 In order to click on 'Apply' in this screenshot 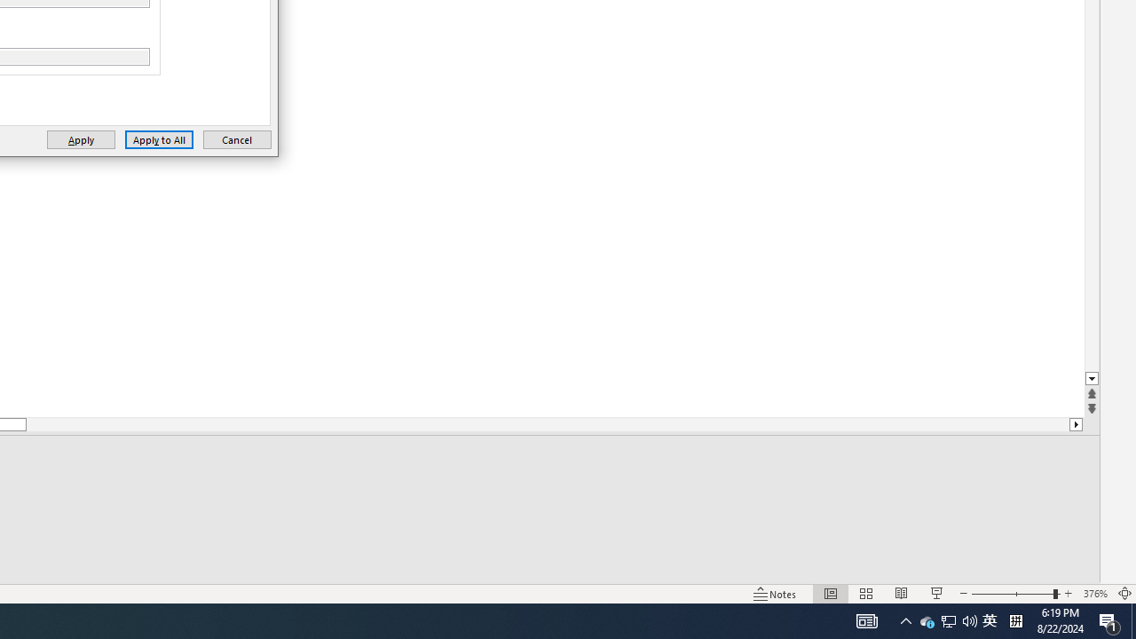, I will do `click(80, 138)`.